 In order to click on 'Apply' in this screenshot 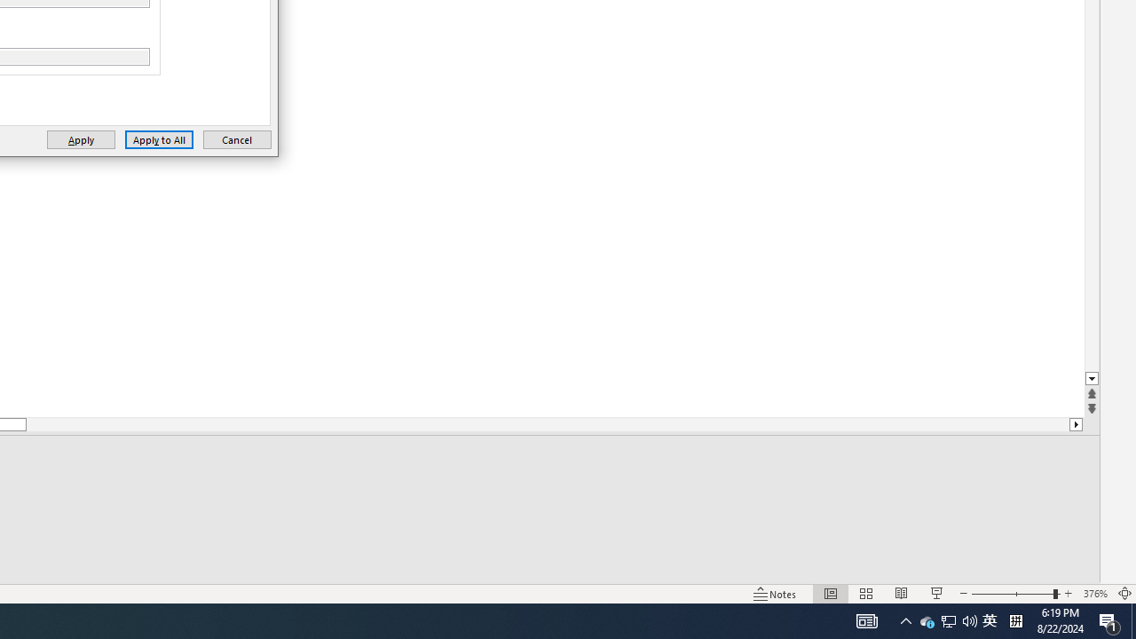, I will do `click(80, 138)`.